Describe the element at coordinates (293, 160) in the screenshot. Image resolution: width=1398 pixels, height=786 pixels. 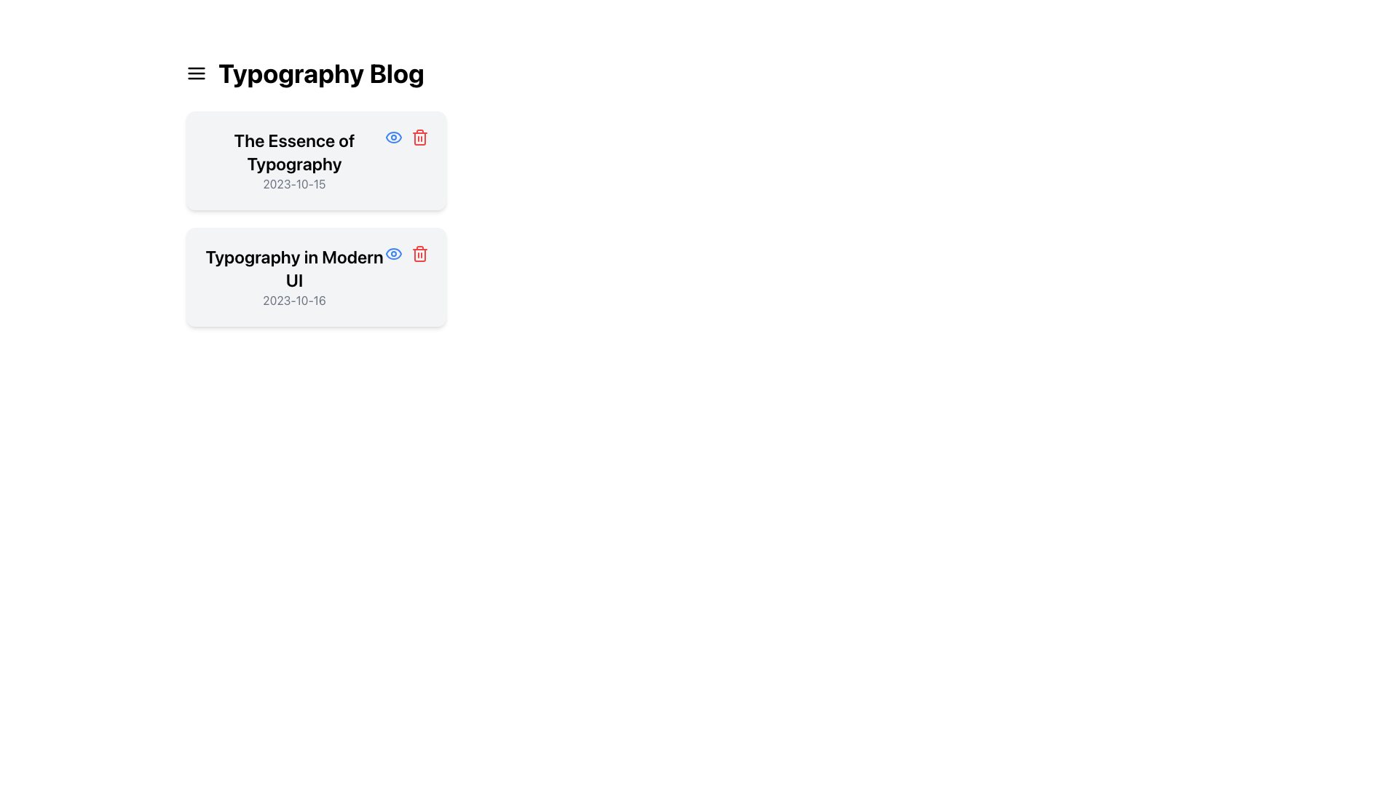
I see `the text display element containing the blog title 'The Essence of Typography' and its publication date, located at the top of the content area in the first card of a vertical list` at that location.